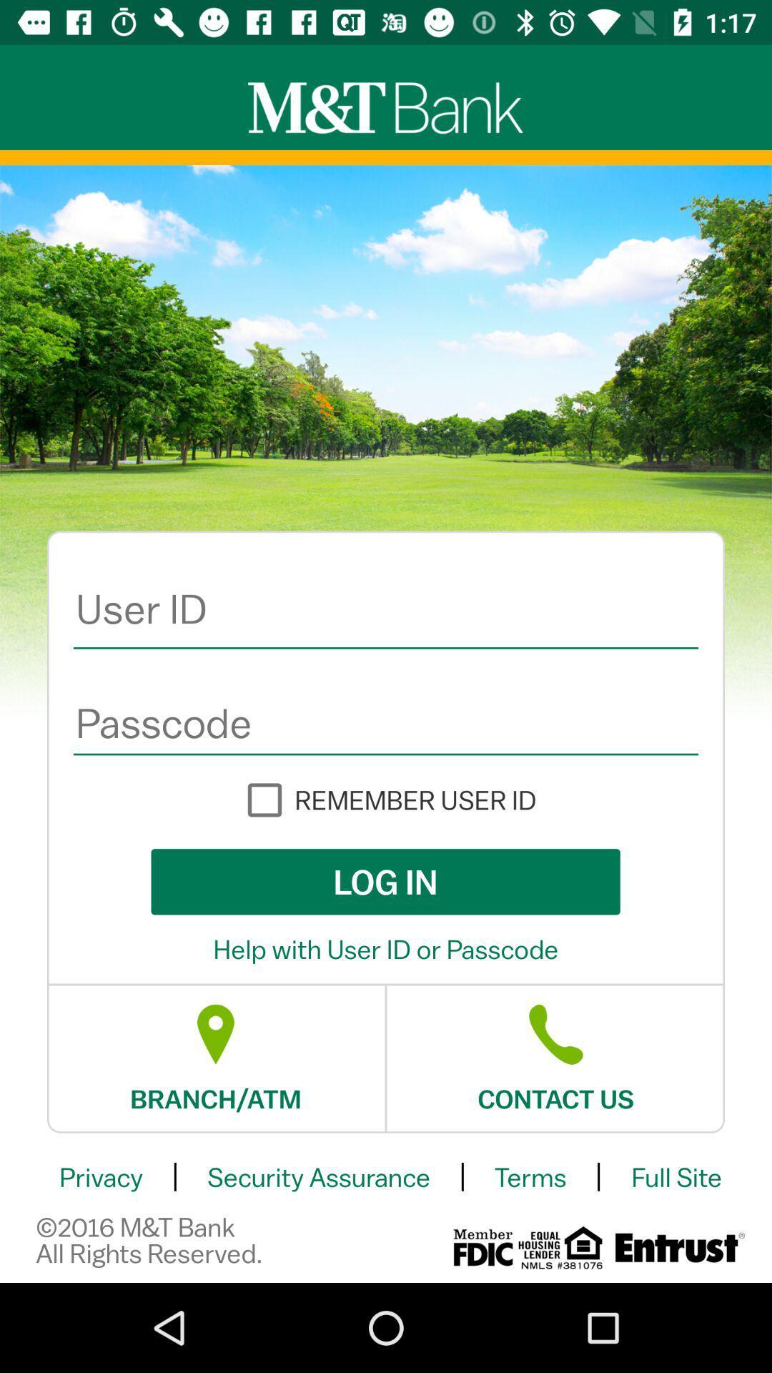 The image size is (772, 1373). I want to click on item below remember user id item, so click(385, 881).